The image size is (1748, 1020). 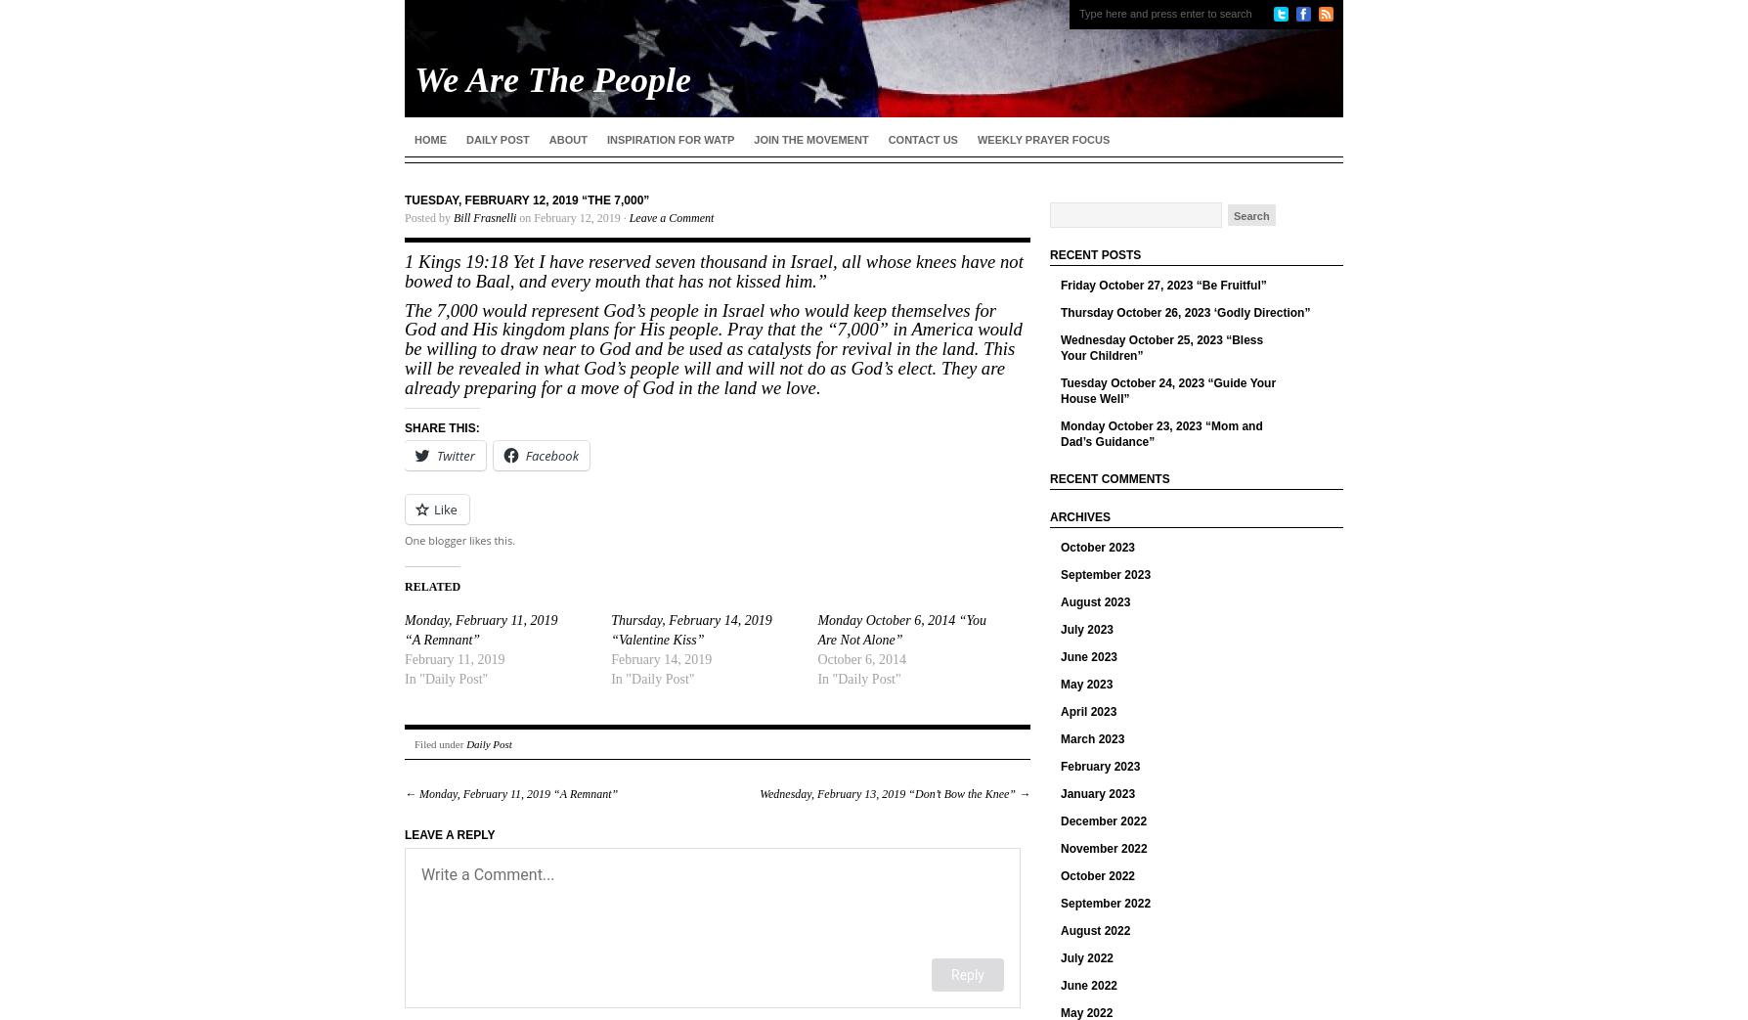 I want to click on 'May 2023', so click(x=1086, y=684).